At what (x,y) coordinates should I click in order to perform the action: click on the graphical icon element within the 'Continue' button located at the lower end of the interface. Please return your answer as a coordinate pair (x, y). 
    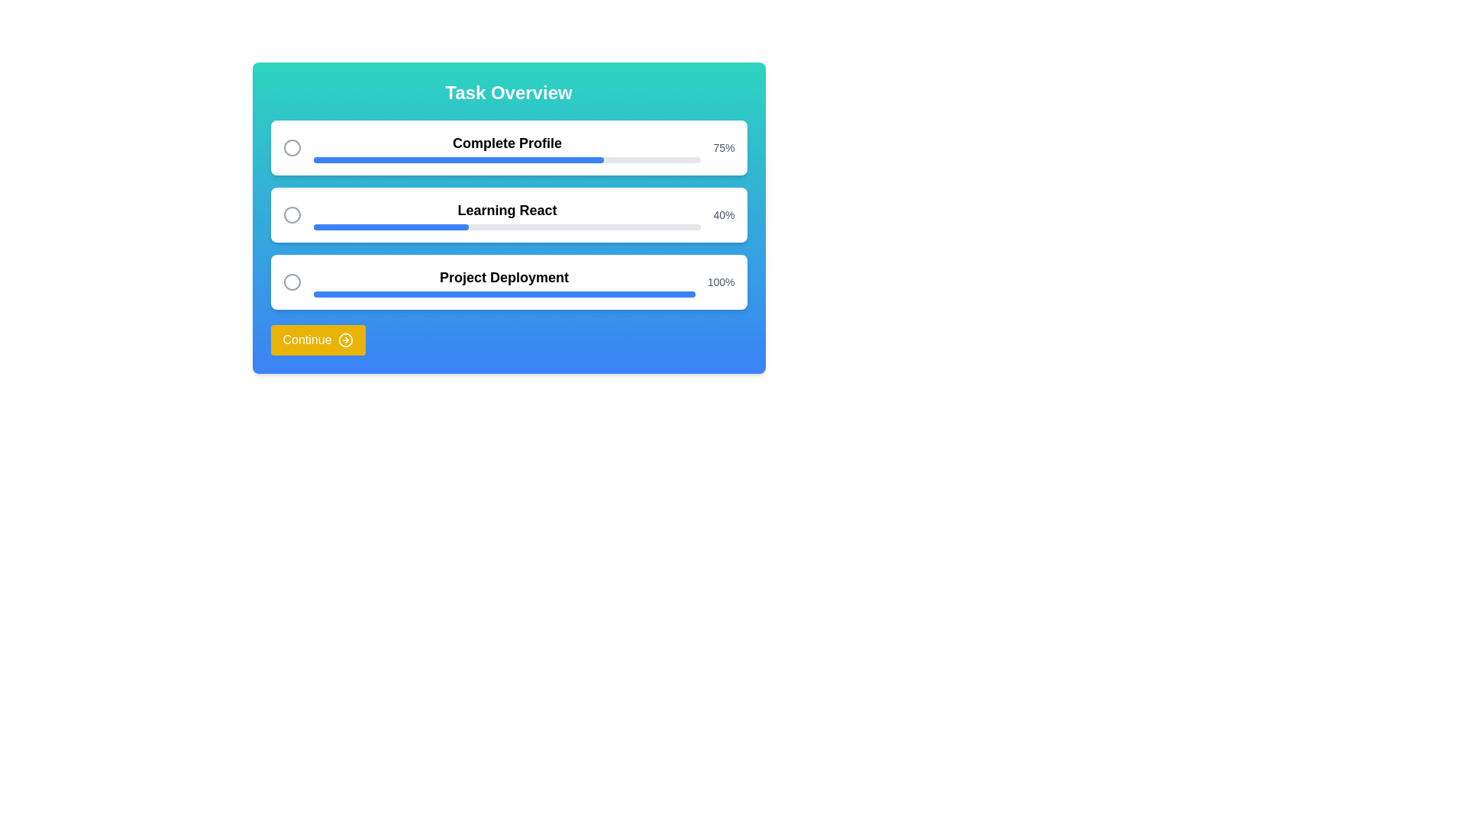
    Looking at the image, I should click on (344, 340).